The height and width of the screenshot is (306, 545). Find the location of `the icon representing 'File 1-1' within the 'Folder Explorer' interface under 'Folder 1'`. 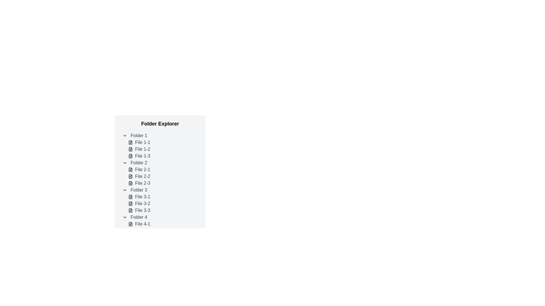

the icon representing 'File 1-1' within the 'Folder Explorer' interface under 'Folder 1' is located at coordinates (130, 142).